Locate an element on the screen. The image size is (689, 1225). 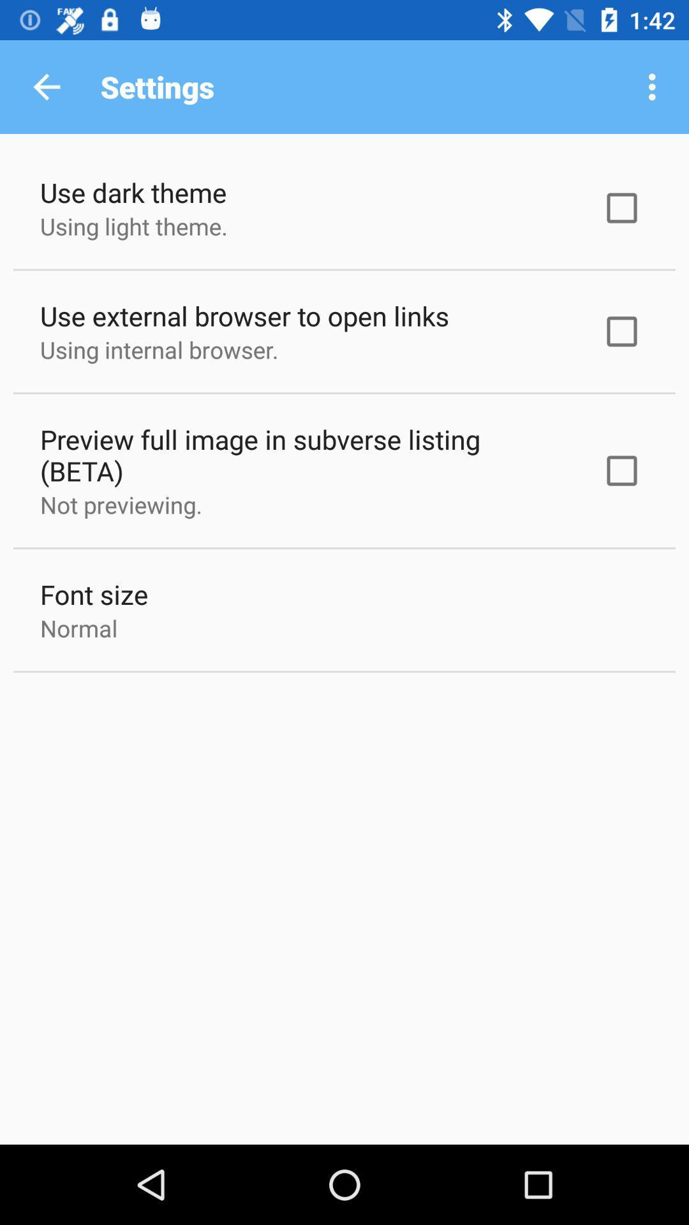
the item below the preview full image is located at coordinates (121, 504).